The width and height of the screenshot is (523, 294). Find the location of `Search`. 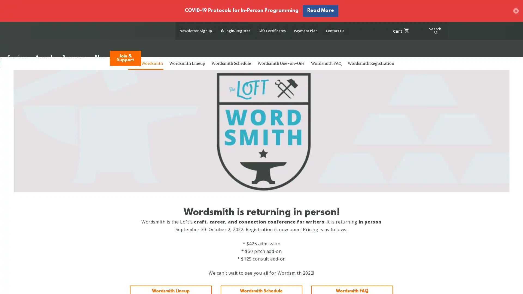

Search is located at coordinates (435, 30).